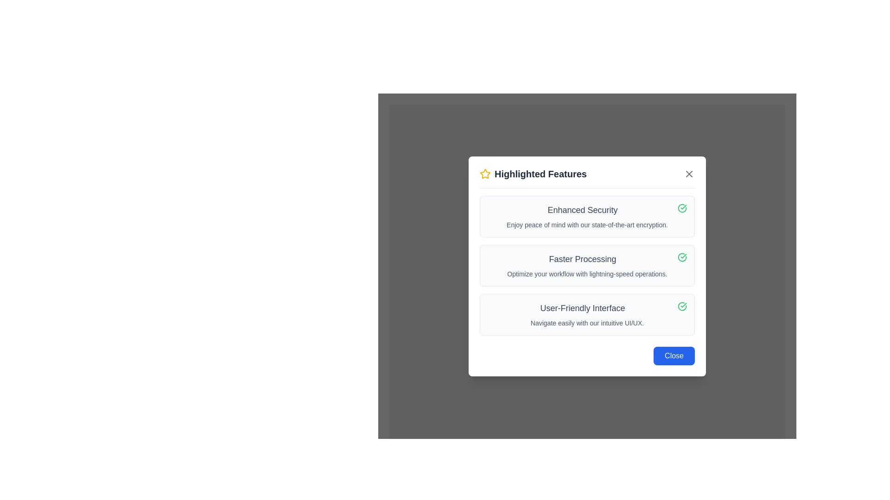  What do you see at coordinates (587, 273) in the screenshot?
I see `the descriptive subtitle located below the header 'Faster Processing' within the second section card that provides additional information about workflow optimization and operational efficiency` at bounding box center [587, 273].